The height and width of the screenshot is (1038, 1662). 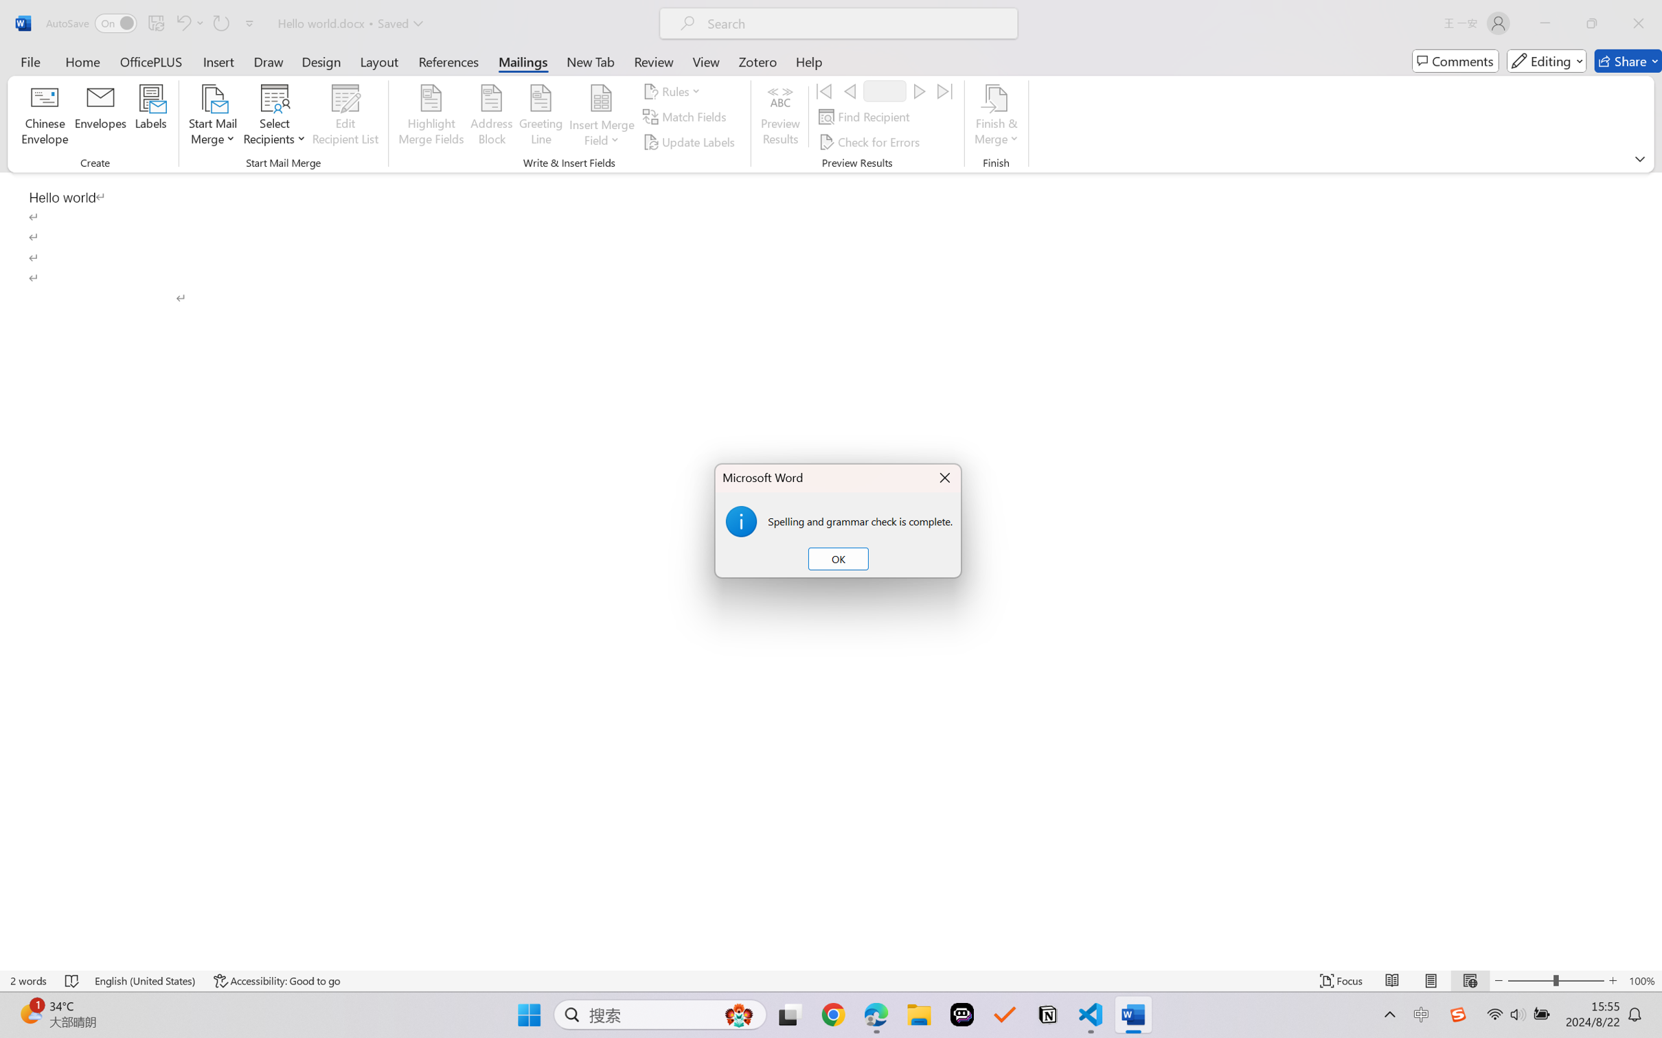 I want to click on 'Mailings', so click(x=523, y=60).